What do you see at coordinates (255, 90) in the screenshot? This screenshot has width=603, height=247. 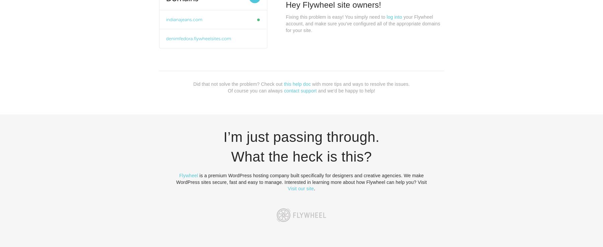 I see `'Of course you can always'` at bounding box center [255, 90].